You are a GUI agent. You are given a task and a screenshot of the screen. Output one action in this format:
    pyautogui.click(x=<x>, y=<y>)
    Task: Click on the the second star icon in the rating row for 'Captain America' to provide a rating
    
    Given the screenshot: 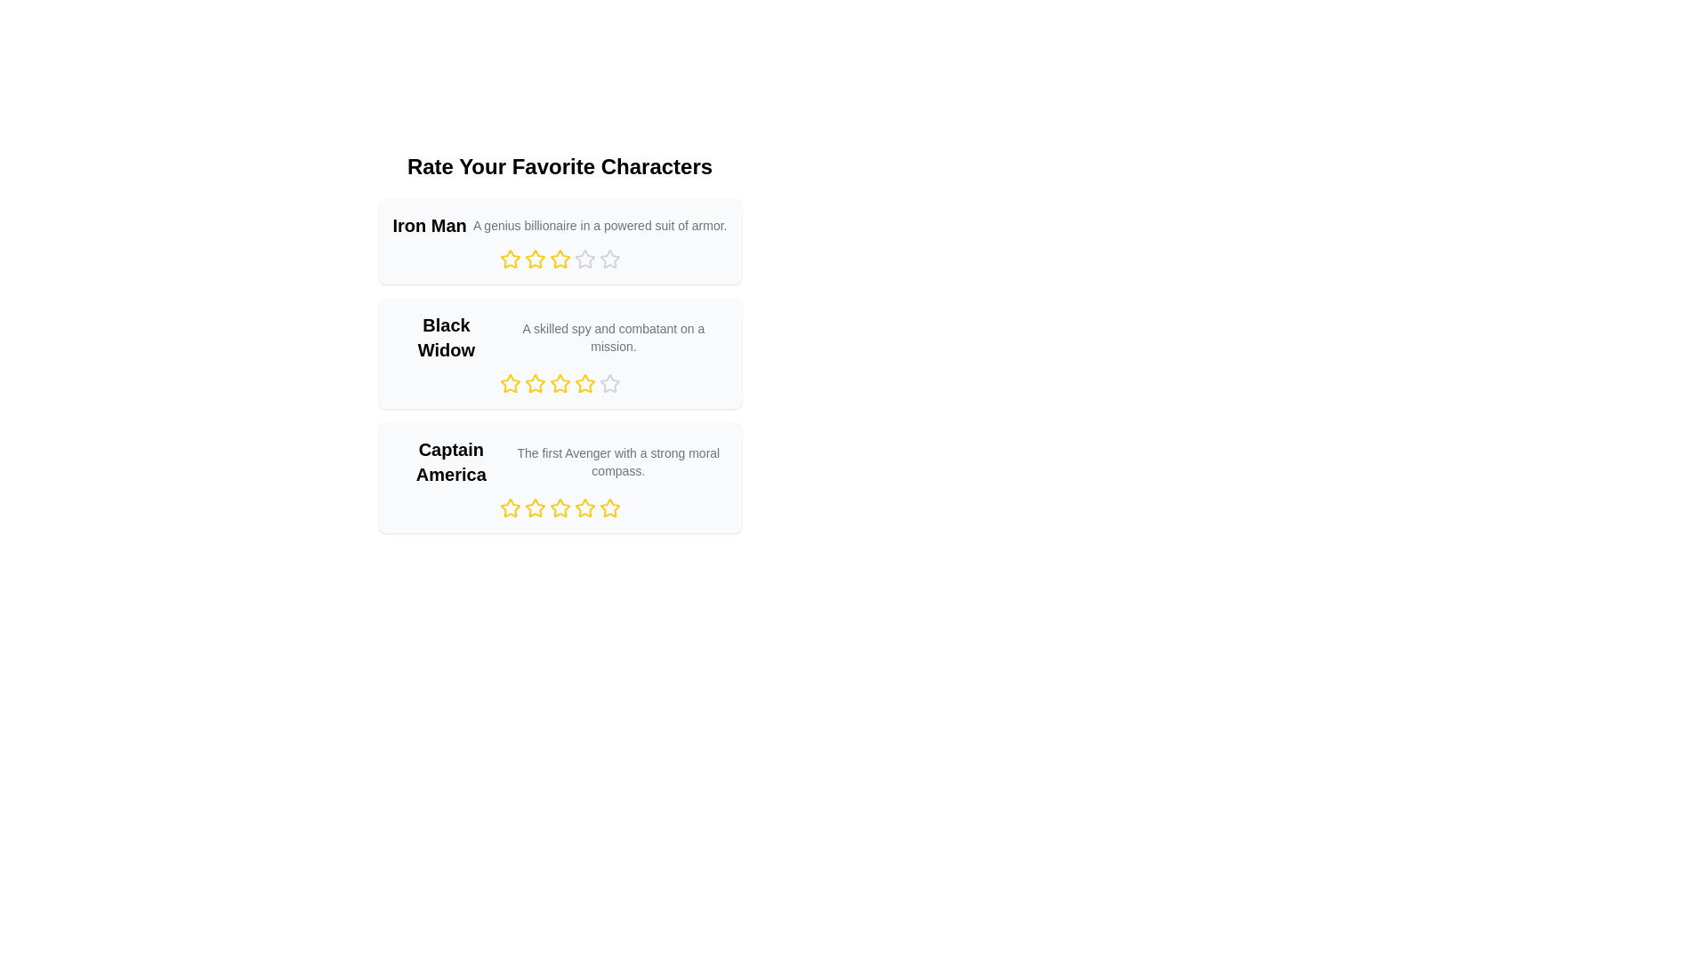 What is the action you would take?
    pyautogui.click(x=509, y=508)
    